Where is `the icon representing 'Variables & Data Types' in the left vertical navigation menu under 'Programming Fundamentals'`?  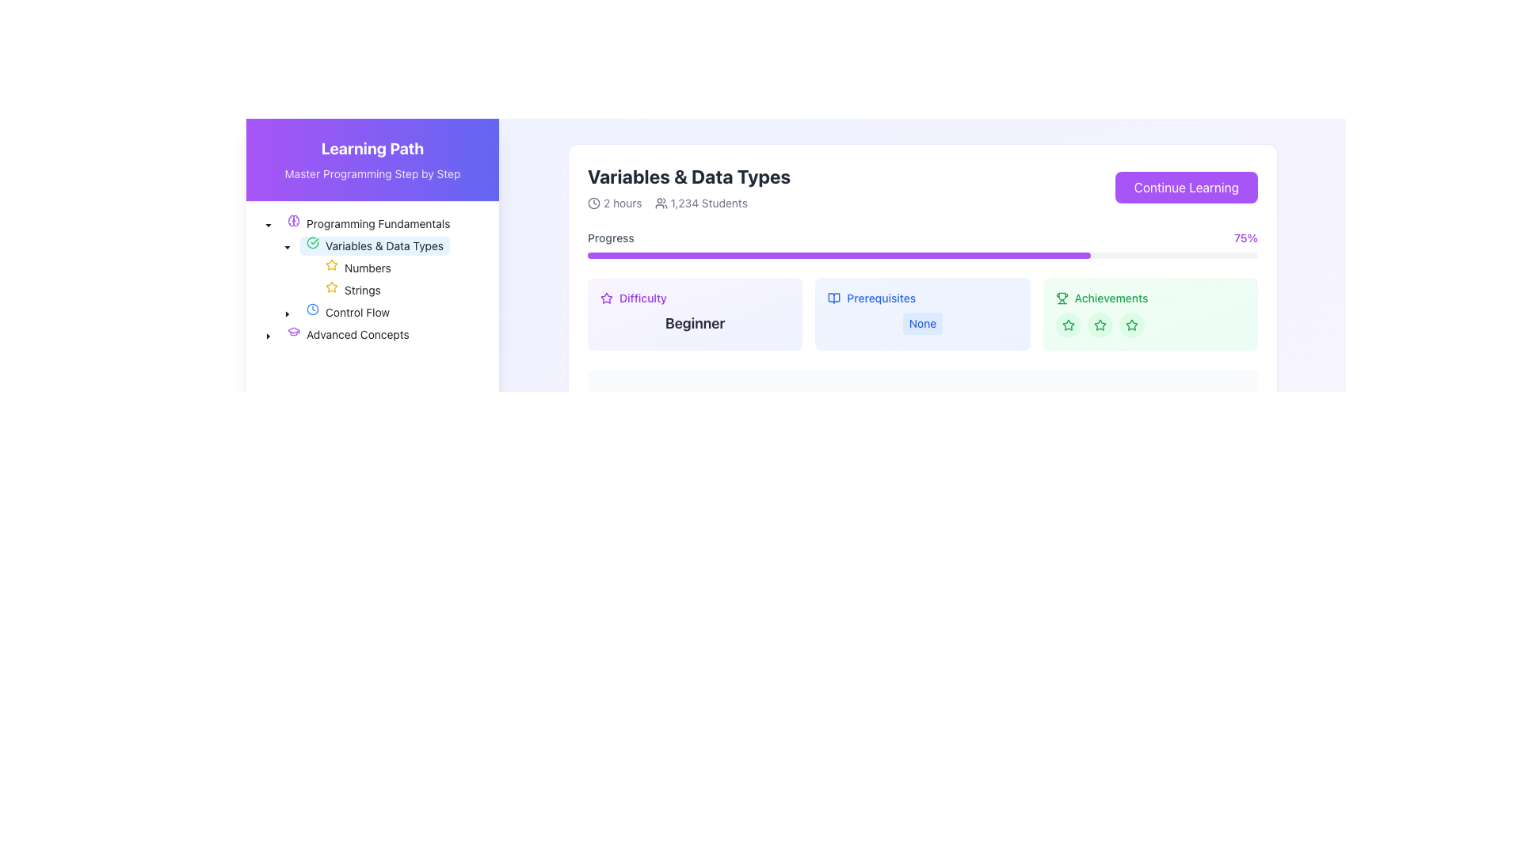 the icon representing 'Variables & Data Types' in the left vertical navigation menu under 'Programming Fundamentals' is located at coordinates (293, 331).